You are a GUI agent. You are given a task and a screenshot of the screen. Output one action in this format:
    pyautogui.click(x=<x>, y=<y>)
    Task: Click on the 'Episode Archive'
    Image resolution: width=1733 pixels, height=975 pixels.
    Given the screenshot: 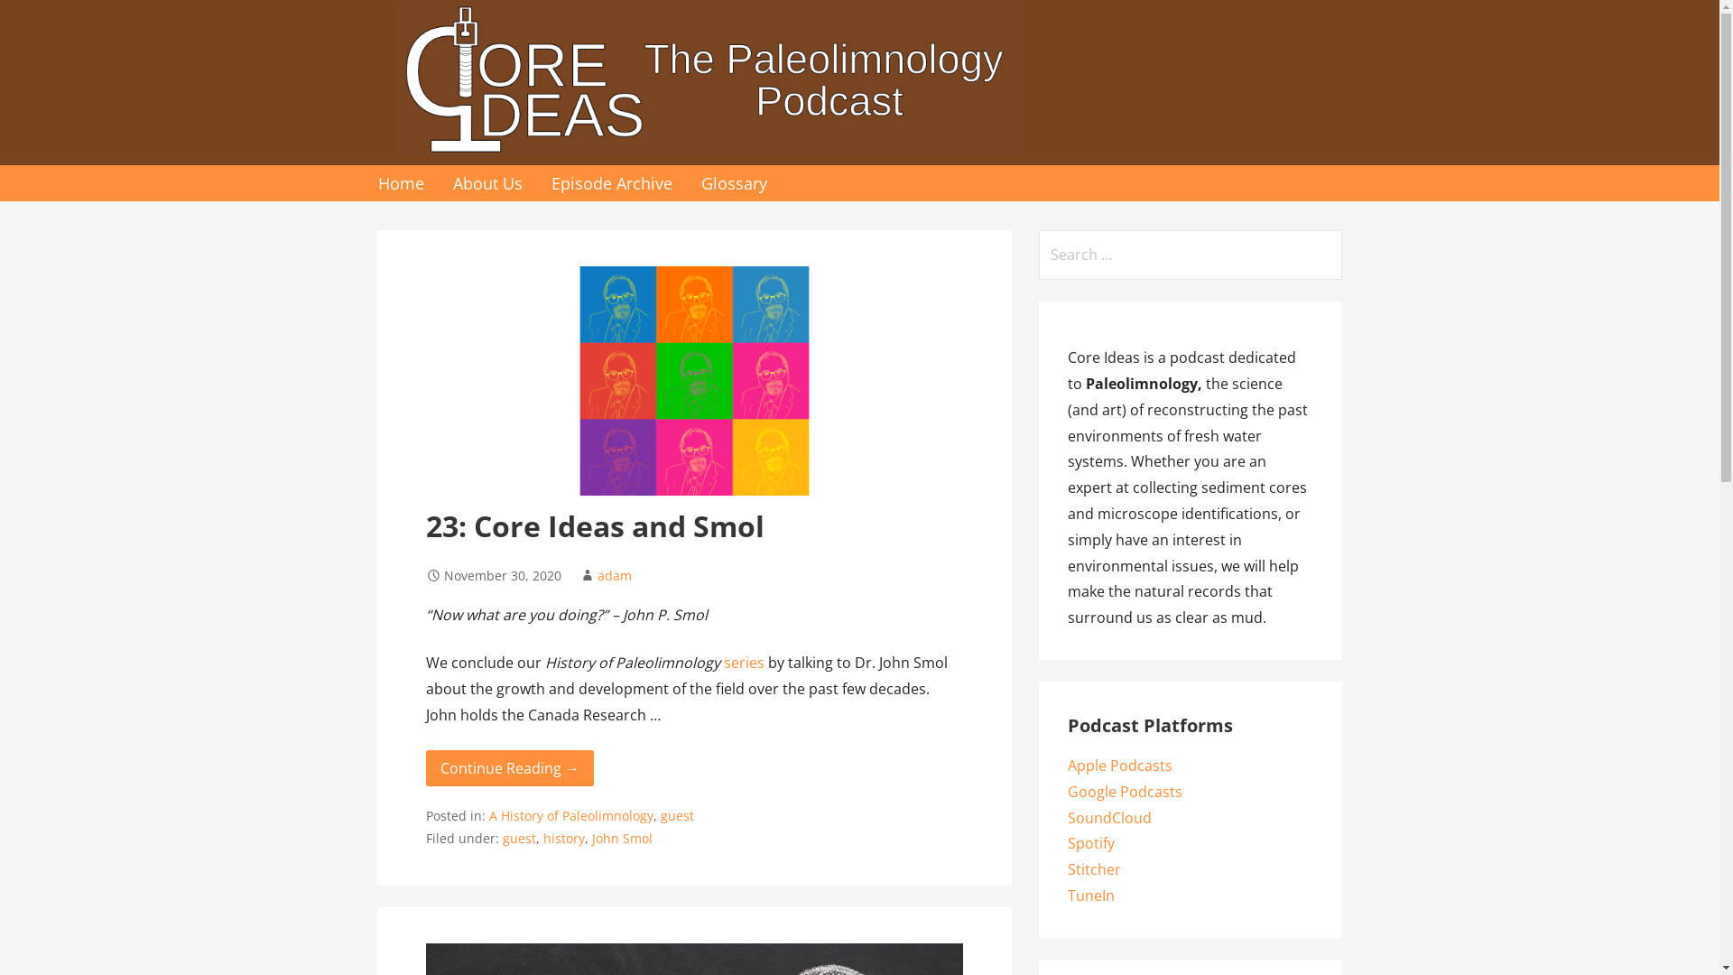 What is the action you would take?
    pyautogui.click(x=610, y=183)
    